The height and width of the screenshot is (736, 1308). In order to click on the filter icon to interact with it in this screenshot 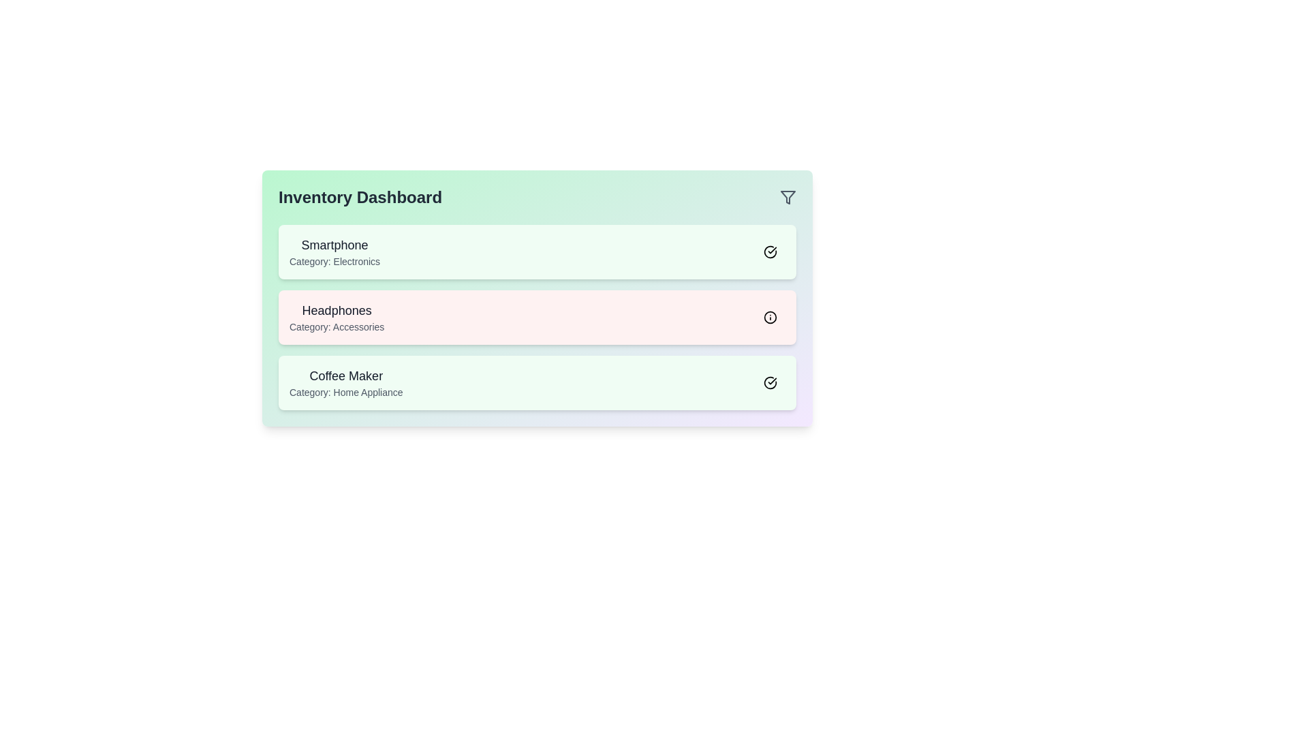, I will do `click(788, 197)`.